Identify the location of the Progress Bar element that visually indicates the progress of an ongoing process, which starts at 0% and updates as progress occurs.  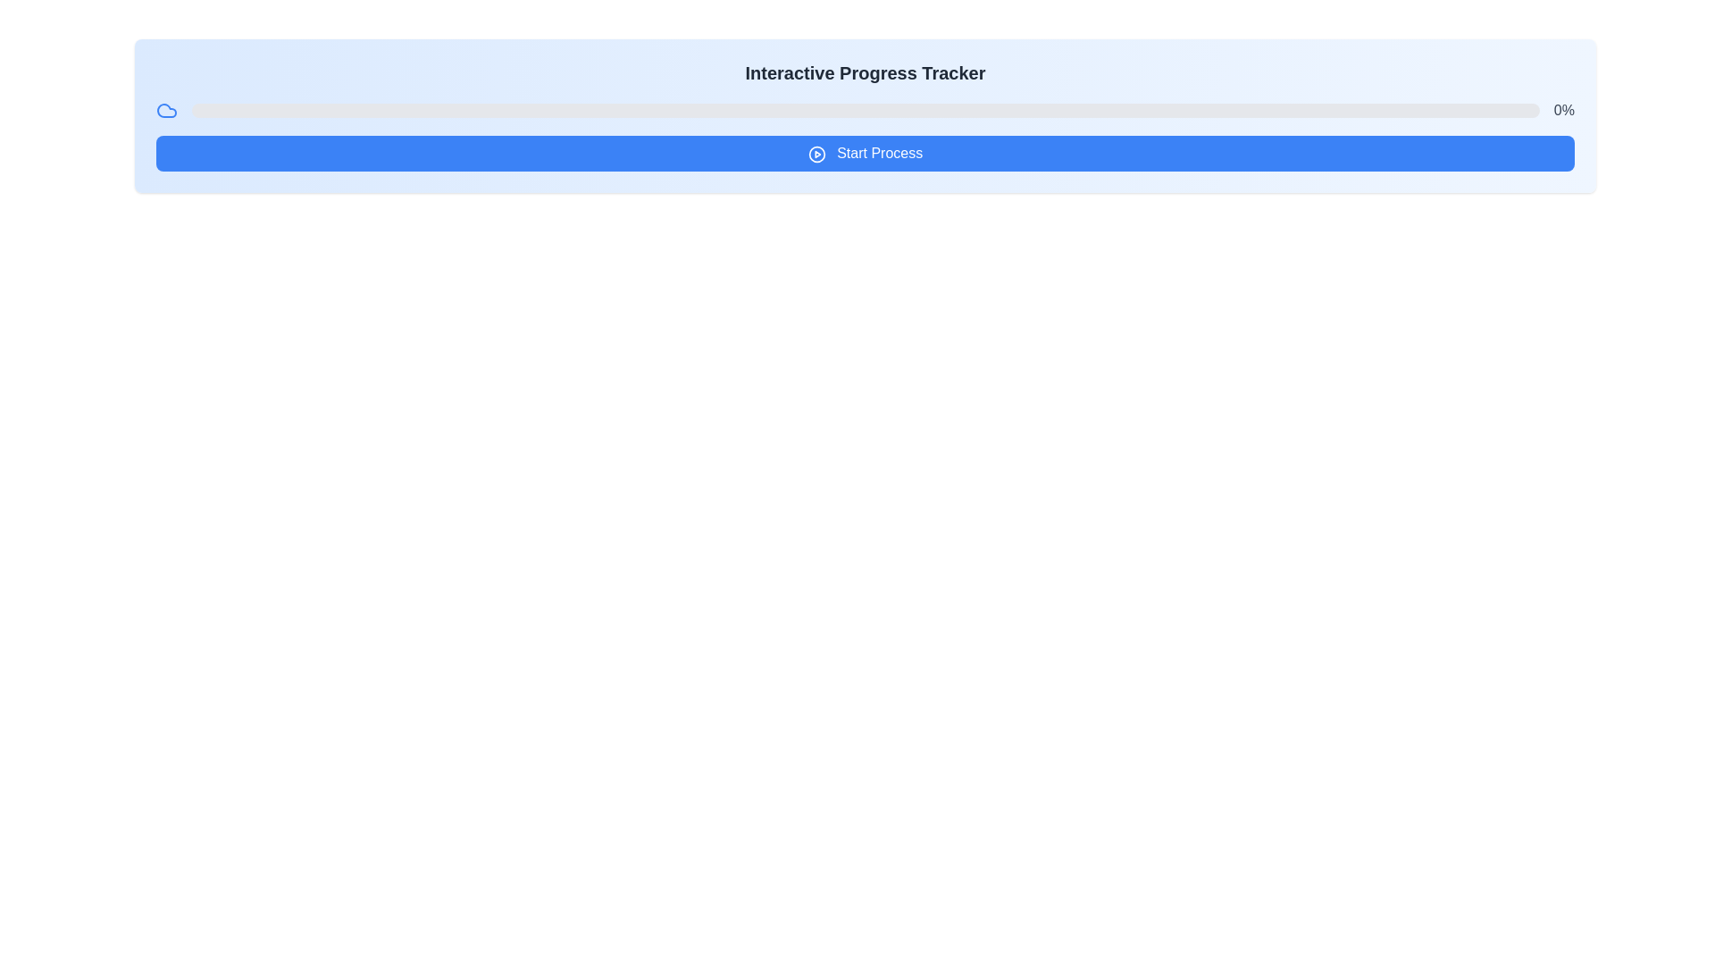
(866, 110).